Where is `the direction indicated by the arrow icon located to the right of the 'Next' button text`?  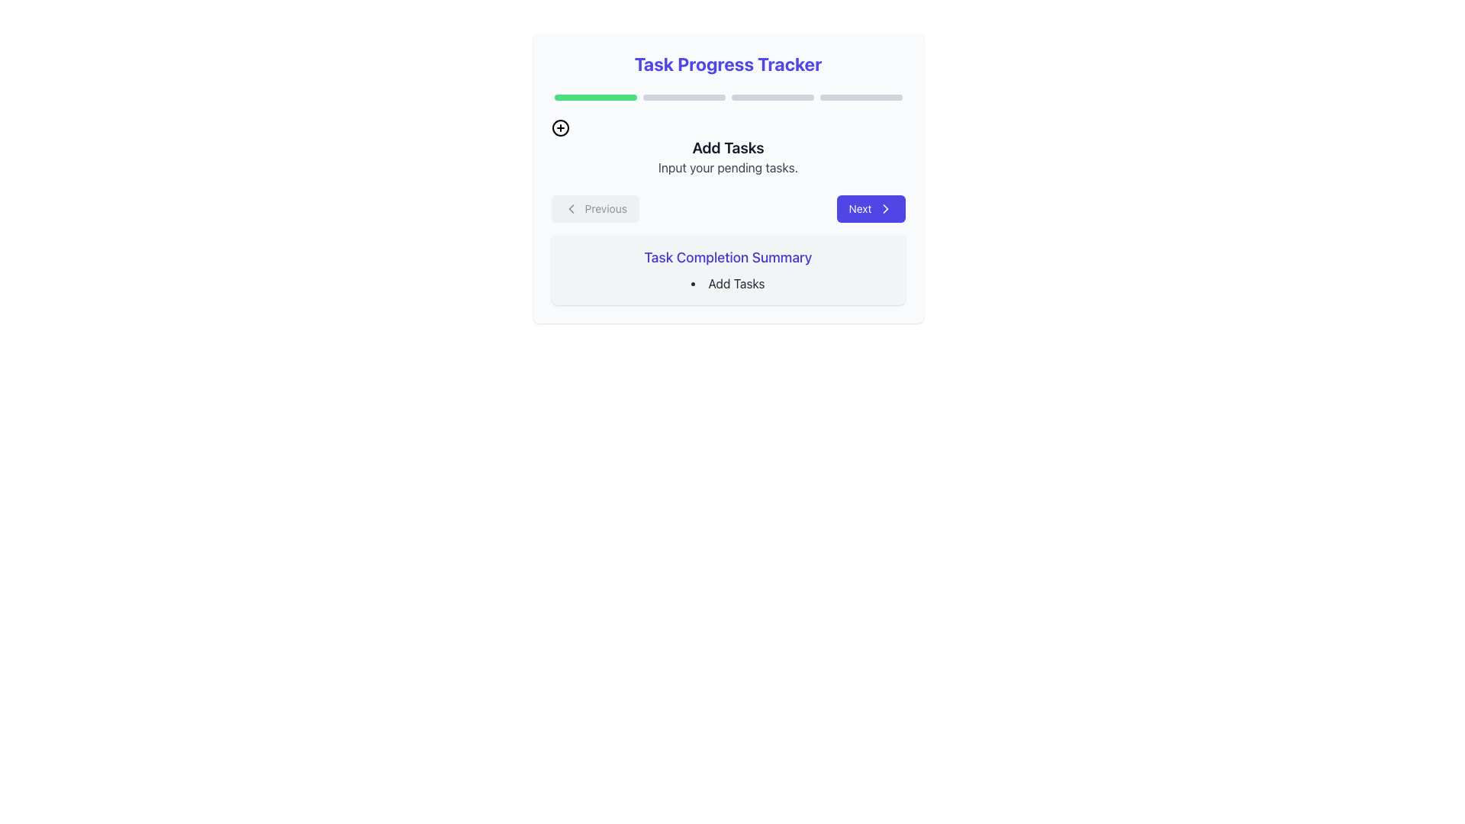
the direction indicated by the arrow icon located to the right of the 'Next' button text is located at coordinates (885, 208).